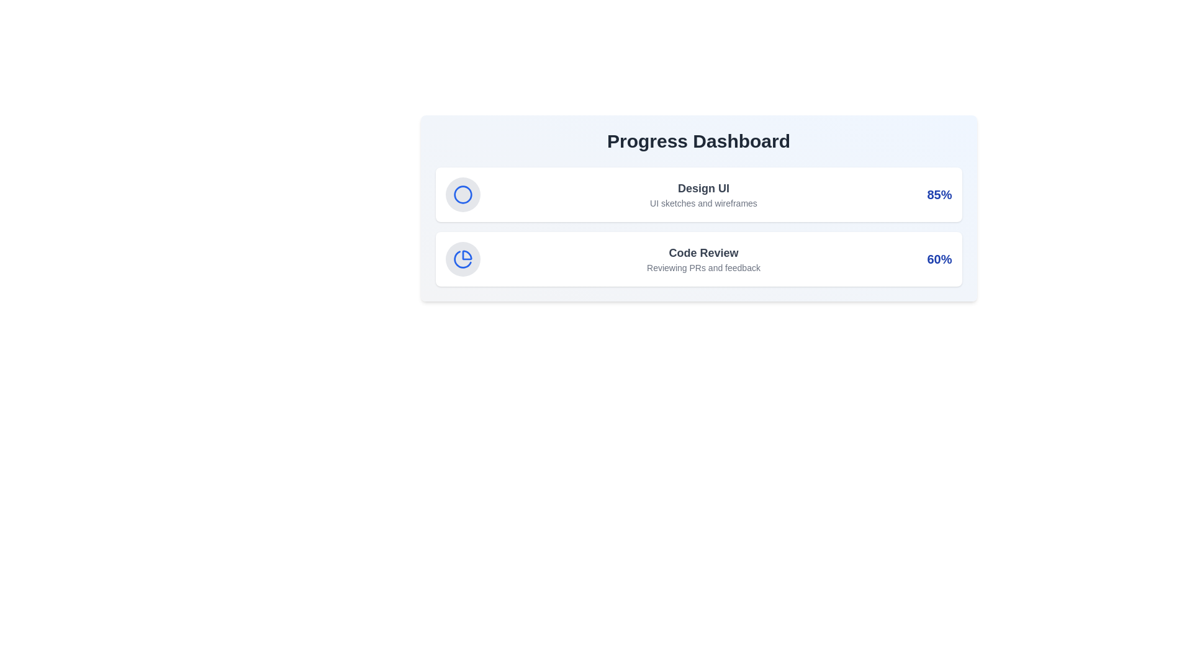  What do you see at coordinates (698, 258) in the screenshot?
I see `the second card in the list that represents the progress of the 'Code Review' task` at bounding box center [698, 258].